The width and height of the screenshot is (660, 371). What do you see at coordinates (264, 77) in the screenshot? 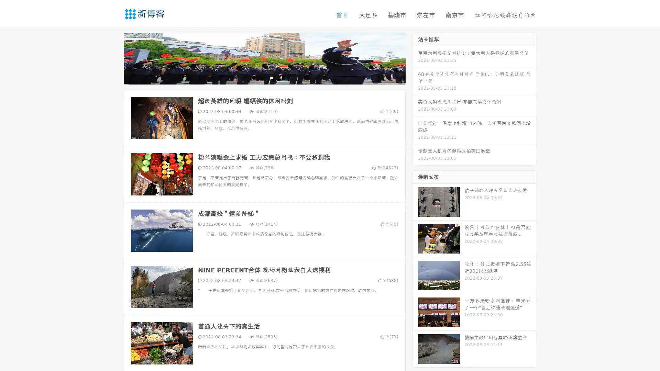
I see `Go to slide 2` at bounding box center [264, 77].